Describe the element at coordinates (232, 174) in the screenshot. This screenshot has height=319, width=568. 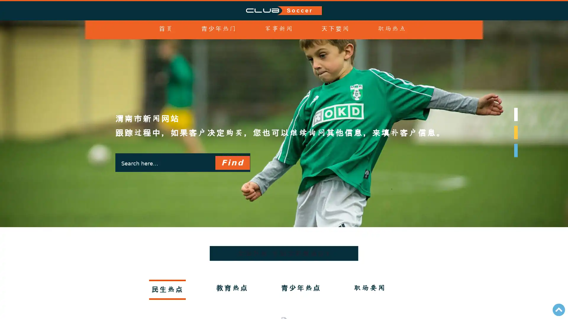
I see `Find` at that location.